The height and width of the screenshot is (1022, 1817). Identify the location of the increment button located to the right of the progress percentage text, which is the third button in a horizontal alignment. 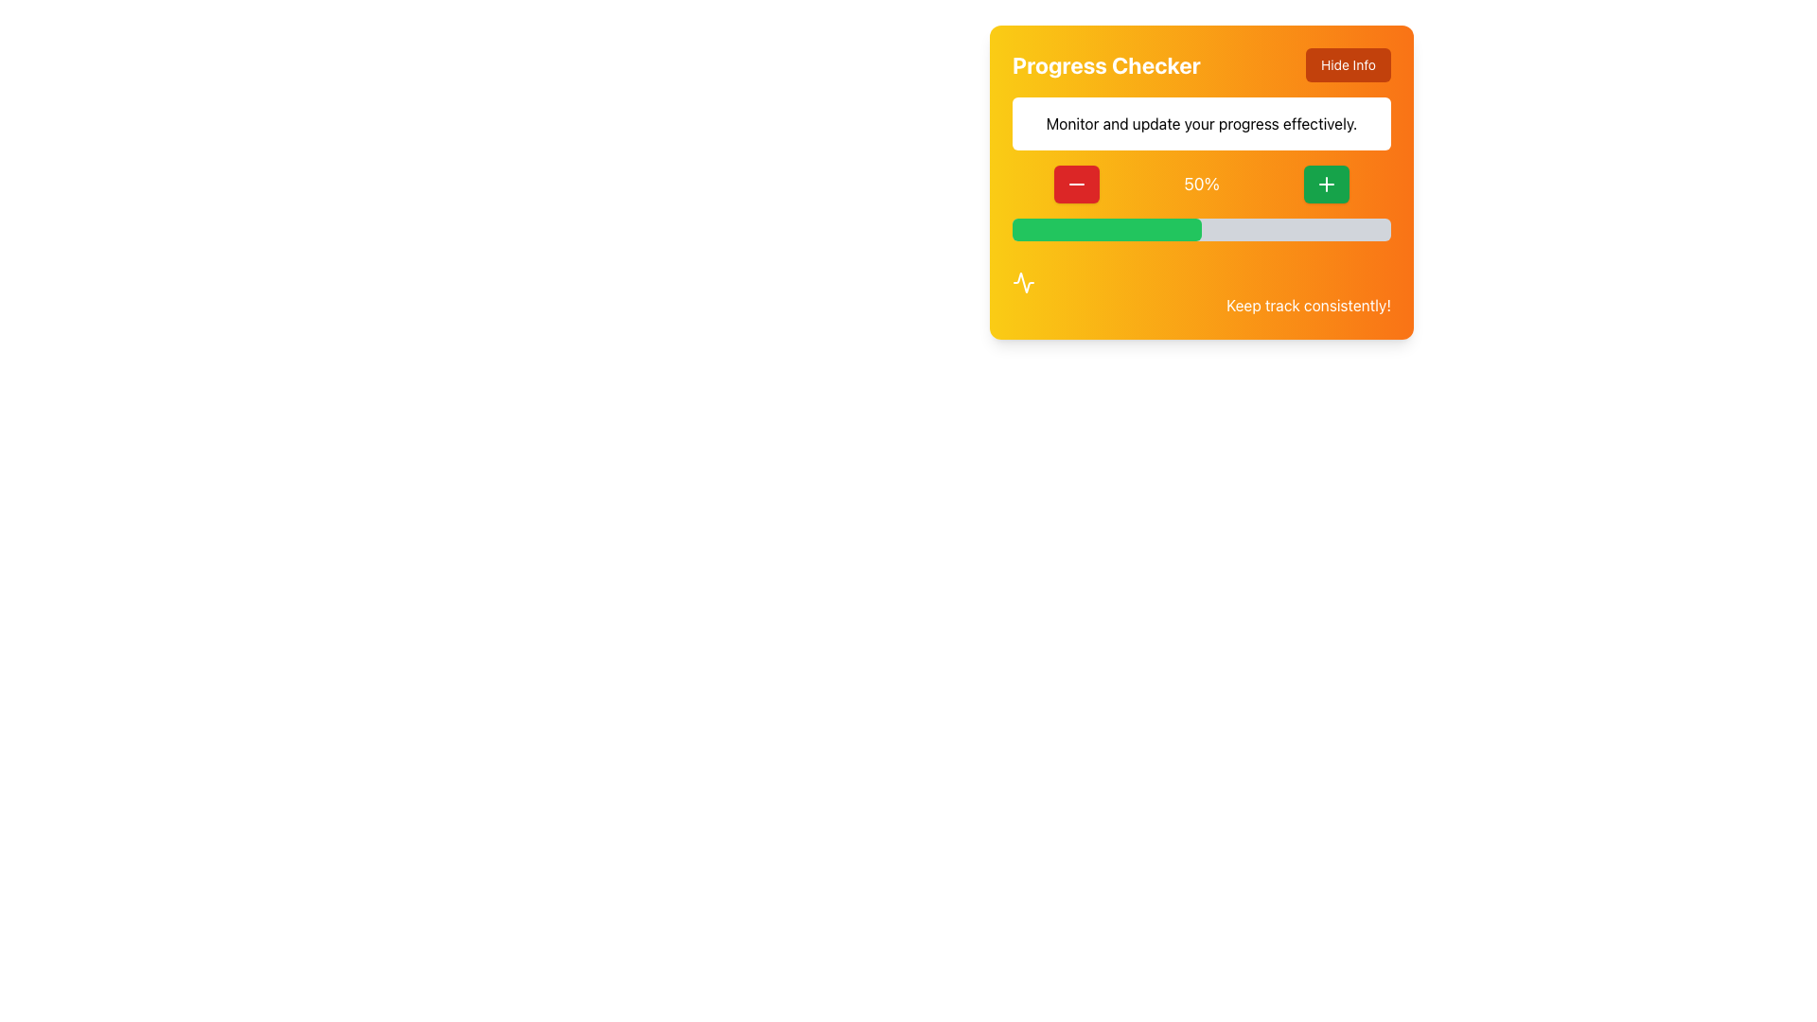
(1325, 185).